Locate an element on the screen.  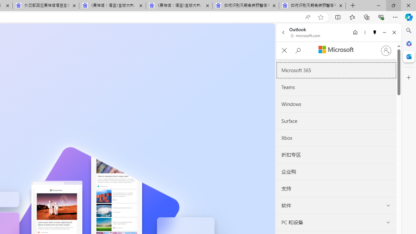
'Surface' is located at coordinates (336, 121).